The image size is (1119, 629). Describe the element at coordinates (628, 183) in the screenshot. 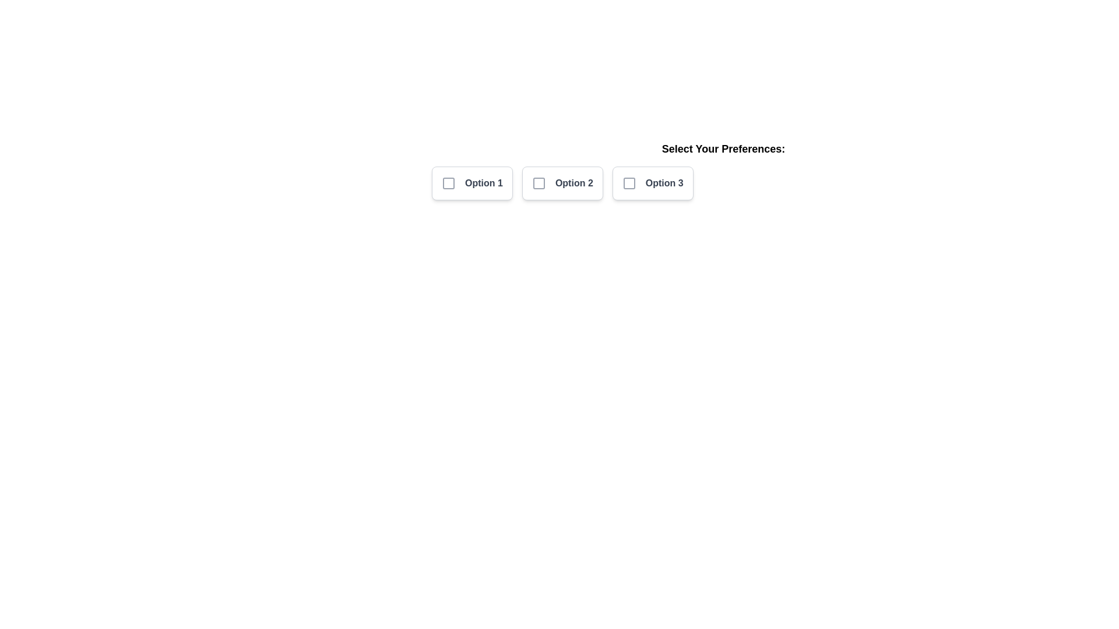

I see `the checkbox located to the left of the text 'Option 3' in the third option group` at that location.